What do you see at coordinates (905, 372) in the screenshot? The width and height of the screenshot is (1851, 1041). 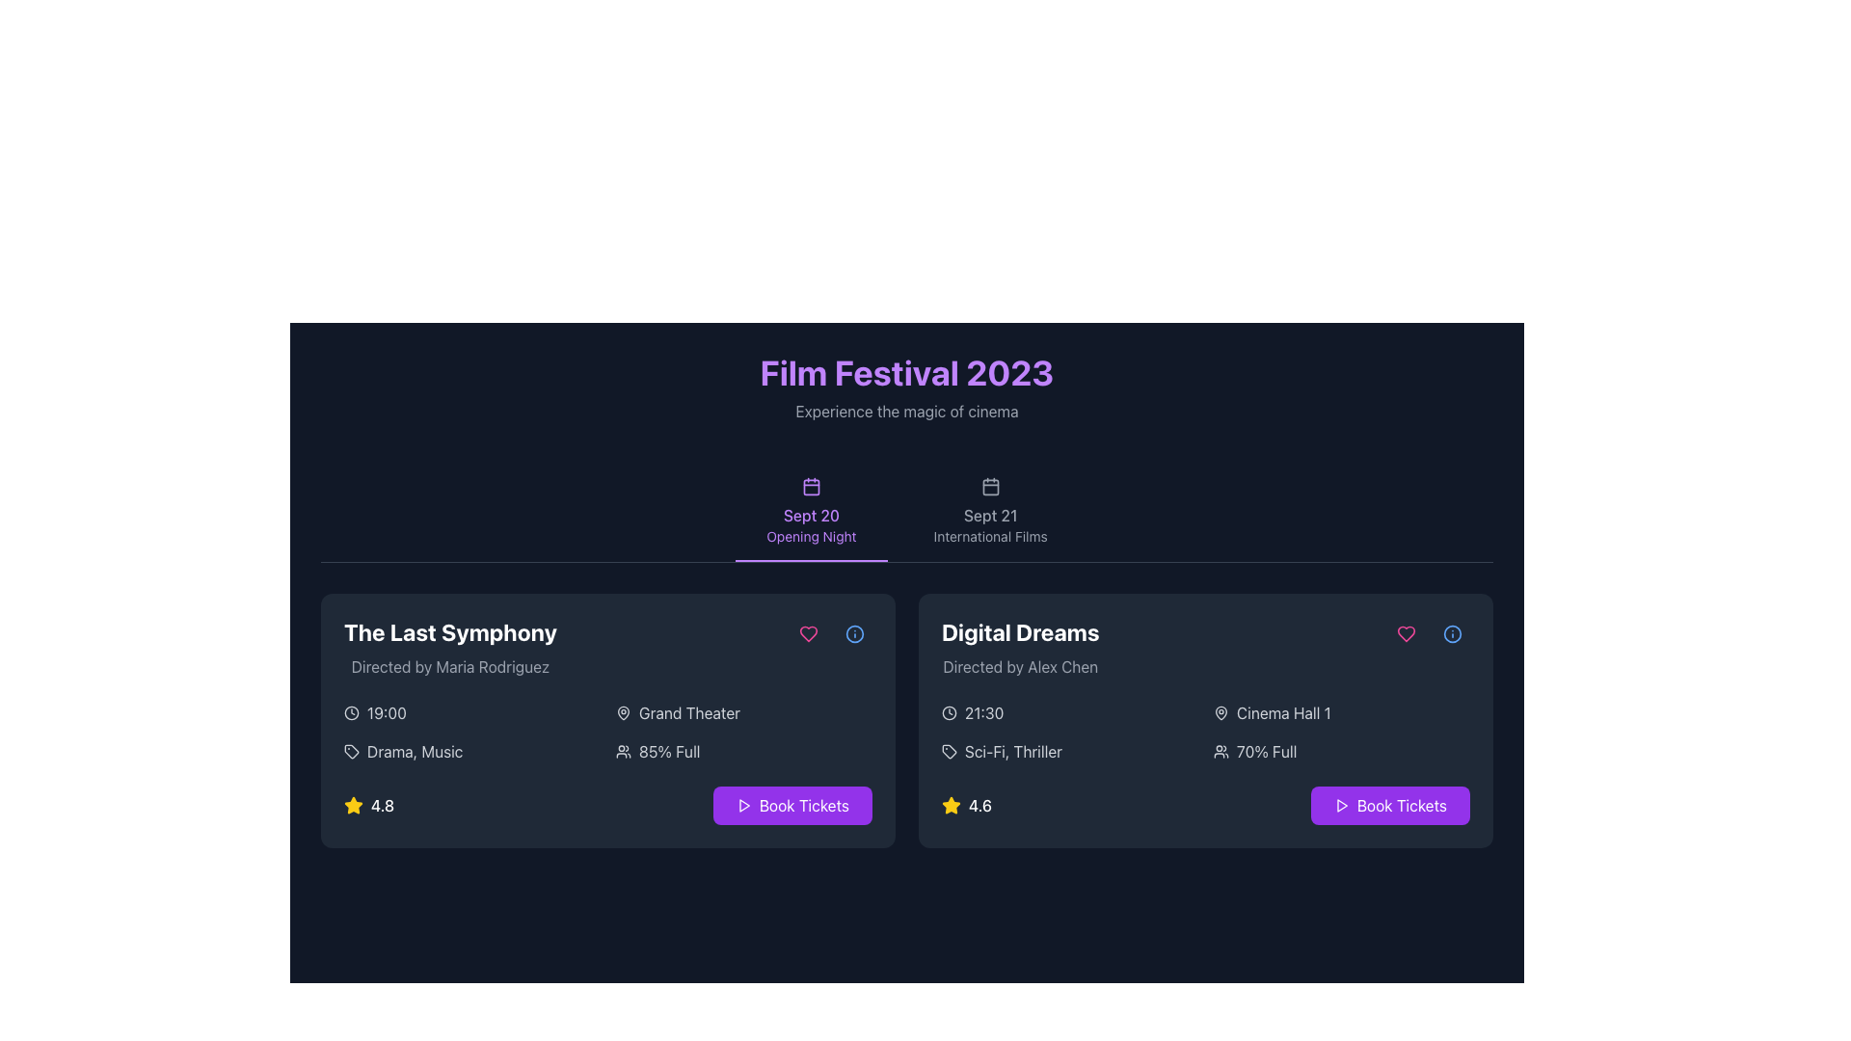 I see `the header text displaying 'Film Festival 2023' in a large, bold purple font, located at the top center of the page` at bounding box center [905, 372].